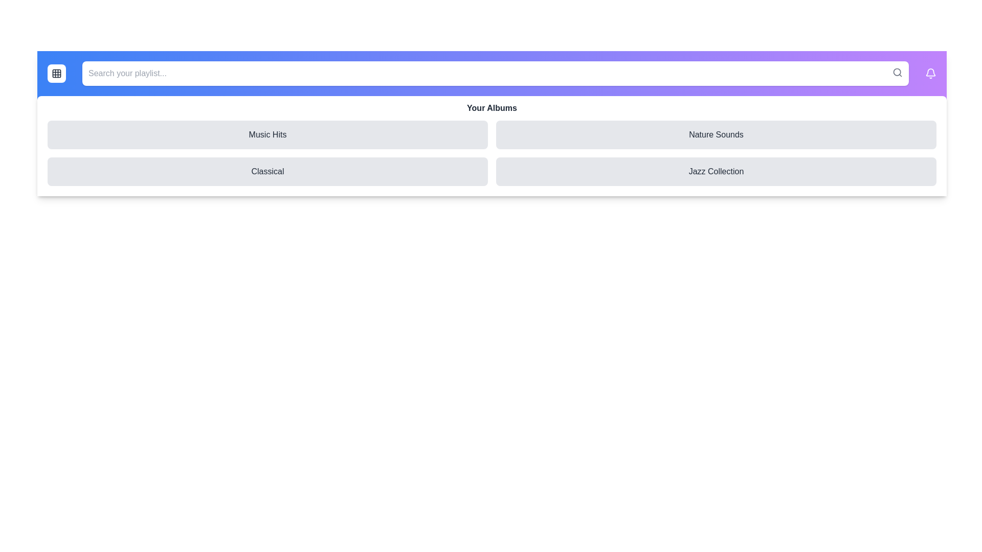 Image resolution: width=982 pixels, height=552 pixels. What do you see at coordinates (267, 171) in the screenshot?
I see `the album item Classical from the menu` at bounding box center [267, 171].